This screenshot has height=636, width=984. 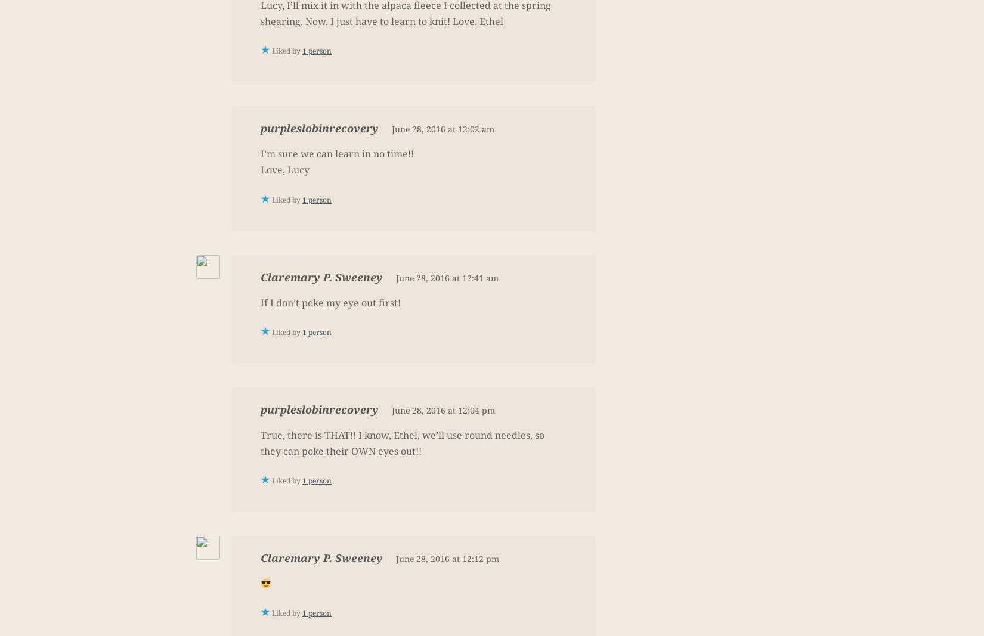 What do you see at coordinates (330, 302) in the screenshot?
I see `'If I don’t poke my eye out first!'` at bounding box center [330, 302].